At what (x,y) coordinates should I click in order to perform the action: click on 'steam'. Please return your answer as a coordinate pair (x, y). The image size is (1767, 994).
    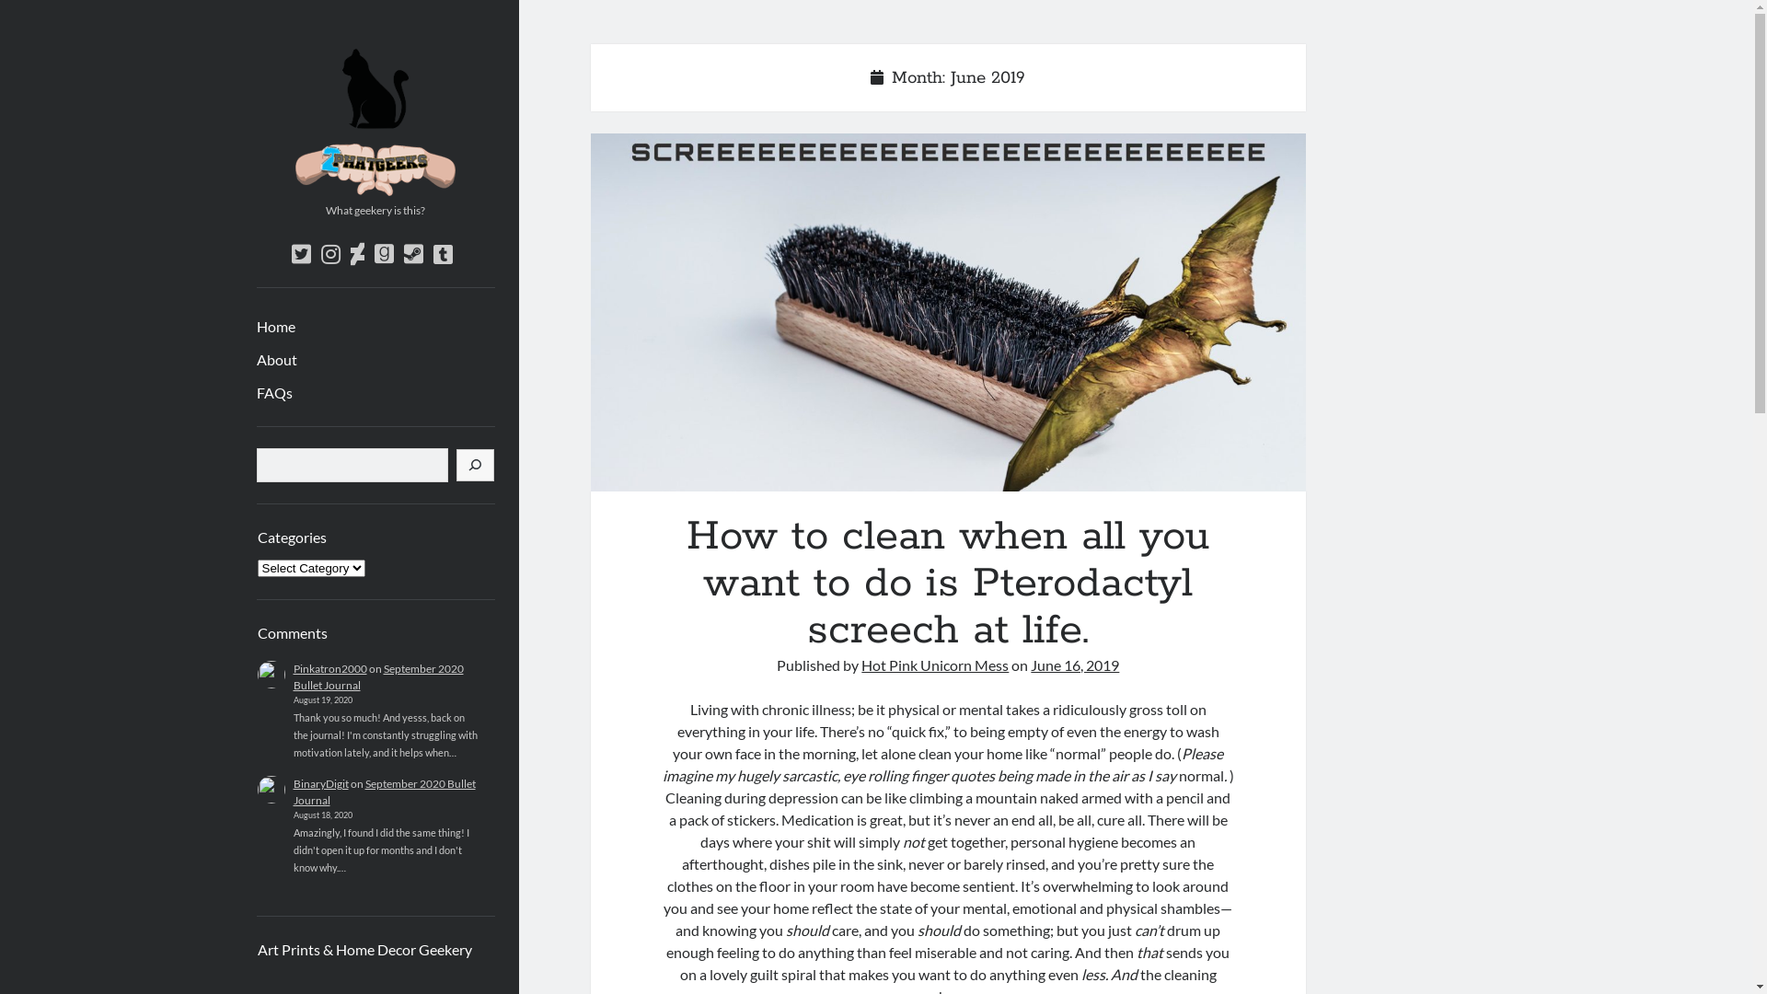
    Looking at the image, I should click on (411, 254).